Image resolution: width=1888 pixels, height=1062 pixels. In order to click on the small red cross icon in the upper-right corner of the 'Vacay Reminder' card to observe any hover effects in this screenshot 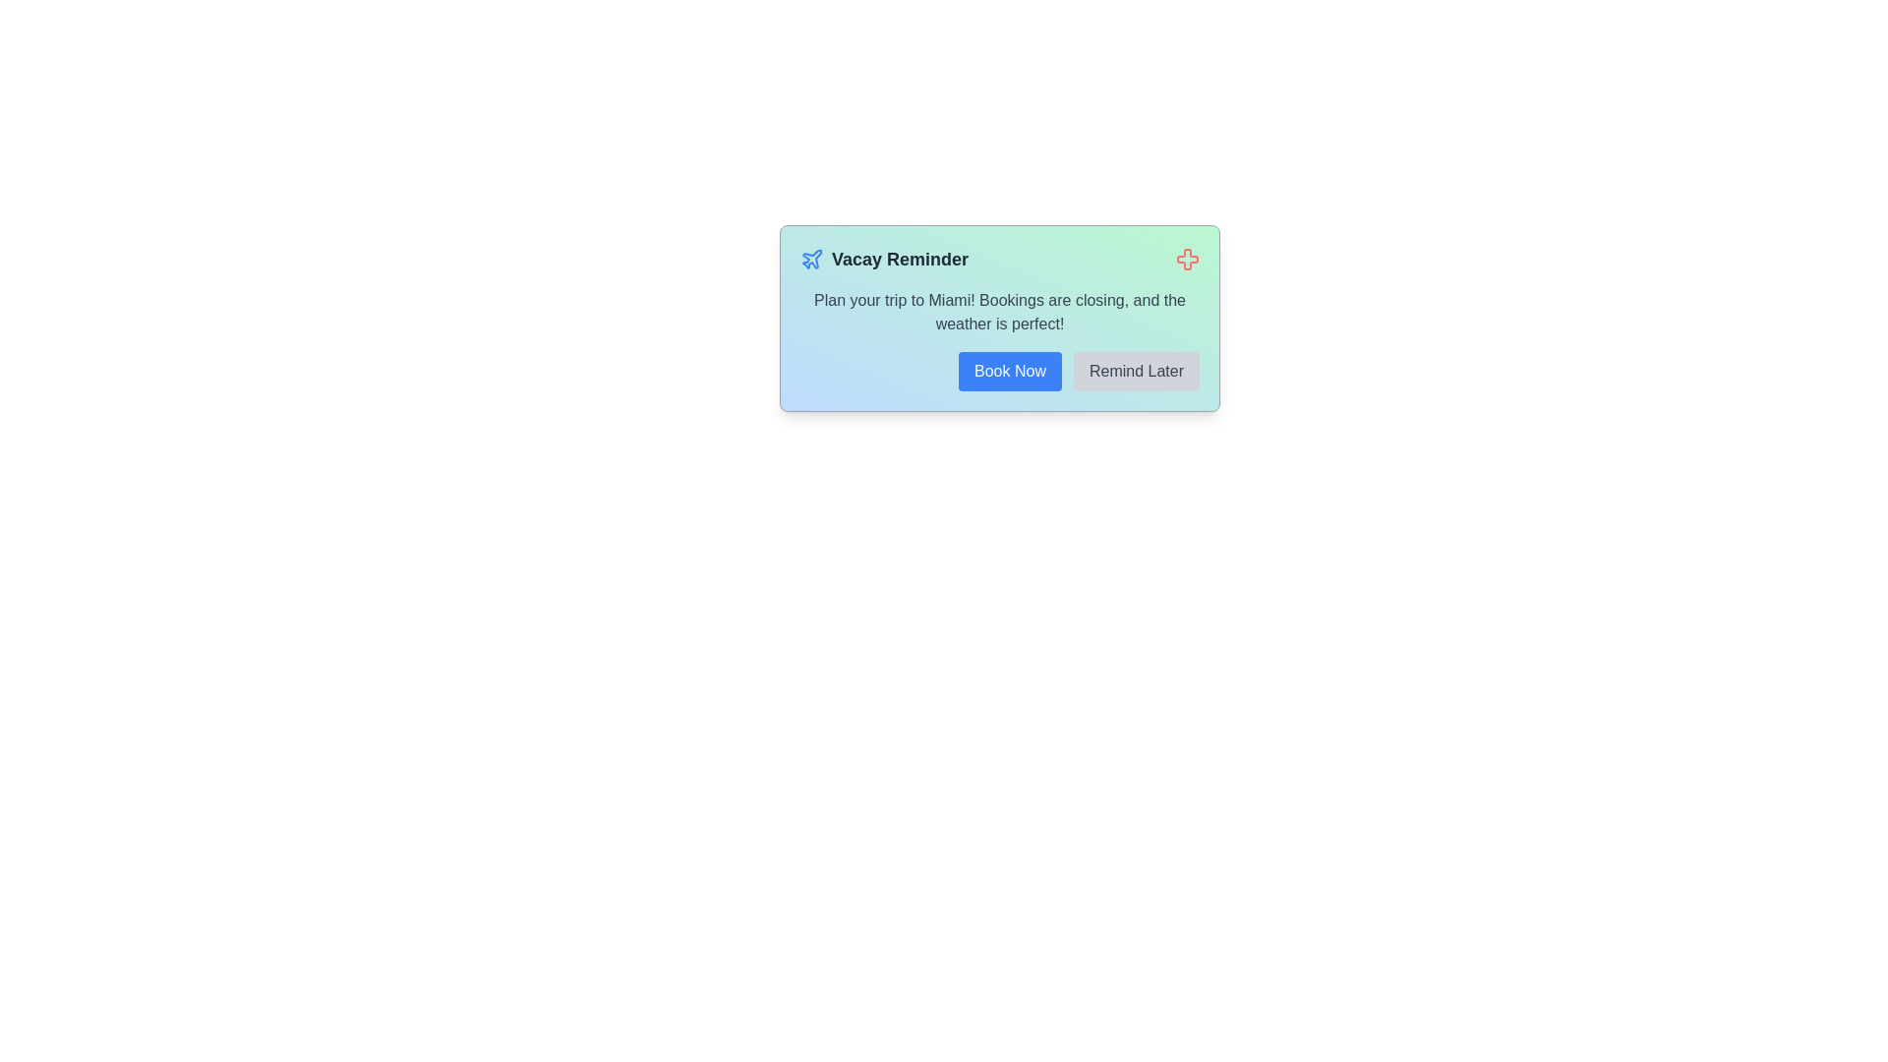, I will do `click(1187, 258)`.